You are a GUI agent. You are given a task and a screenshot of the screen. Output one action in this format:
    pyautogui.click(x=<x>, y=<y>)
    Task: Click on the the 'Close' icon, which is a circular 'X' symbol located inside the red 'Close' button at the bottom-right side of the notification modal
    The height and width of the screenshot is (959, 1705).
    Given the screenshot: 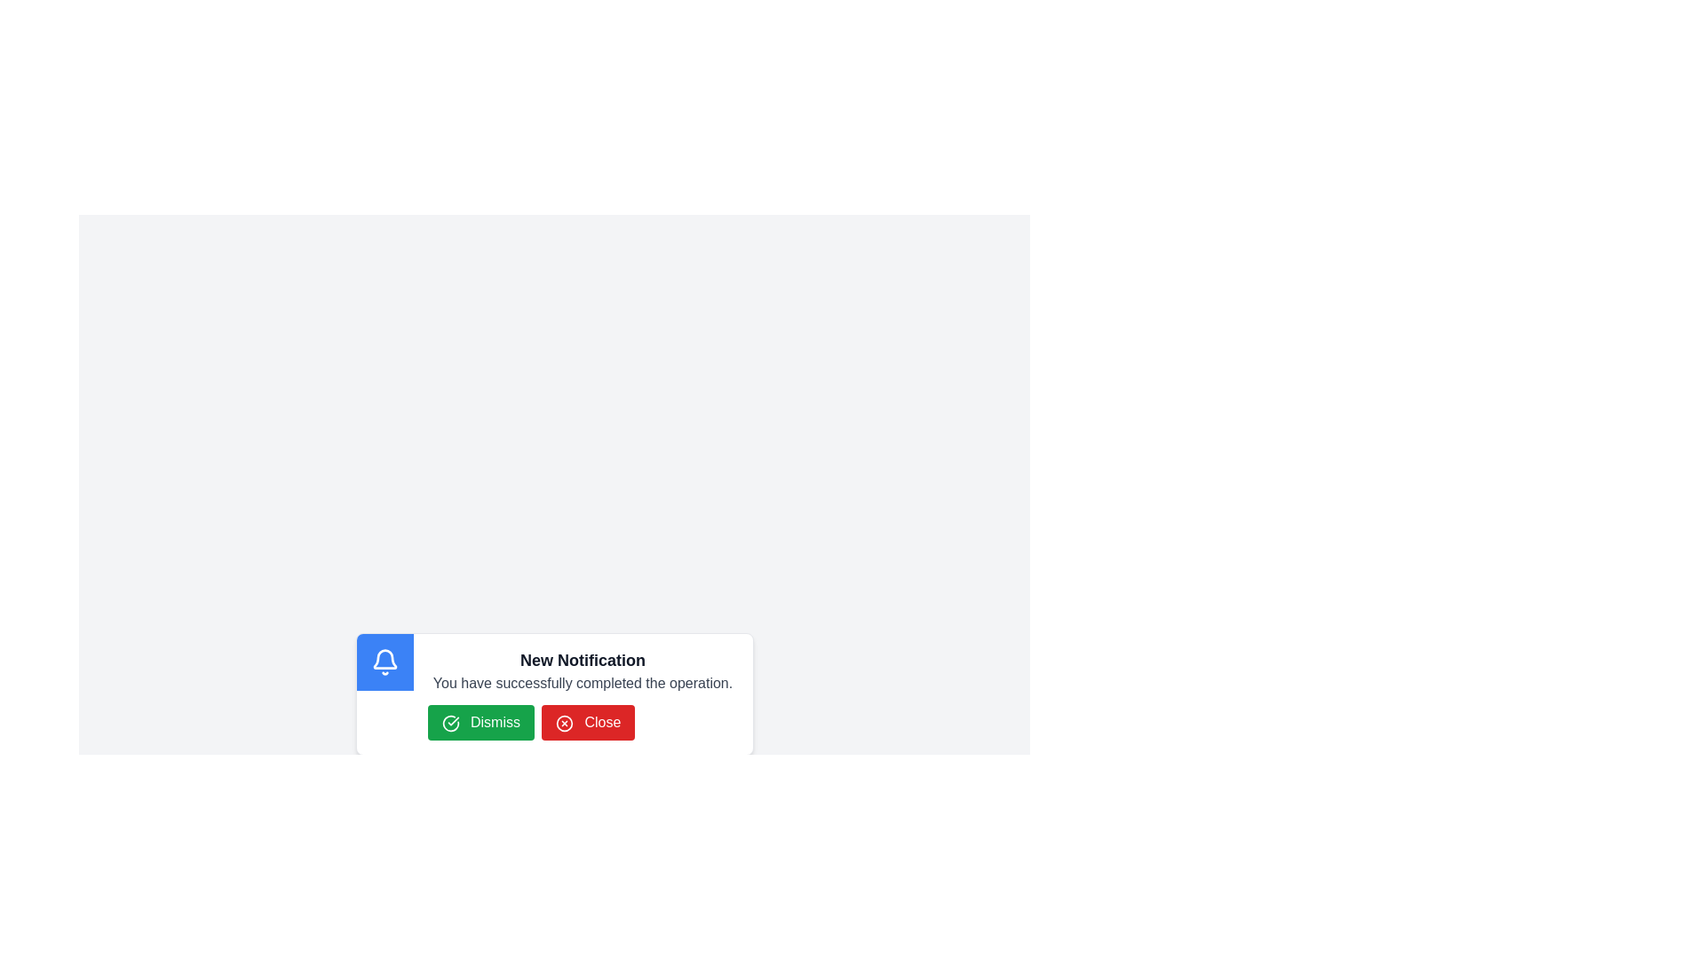 What is the action you would take?
    pyautogui.click(x=563, y=723)
    